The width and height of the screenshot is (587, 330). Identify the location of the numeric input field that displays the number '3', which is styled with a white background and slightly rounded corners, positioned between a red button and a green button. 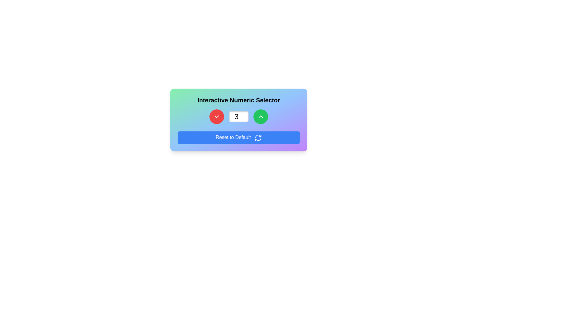
(238, 116).